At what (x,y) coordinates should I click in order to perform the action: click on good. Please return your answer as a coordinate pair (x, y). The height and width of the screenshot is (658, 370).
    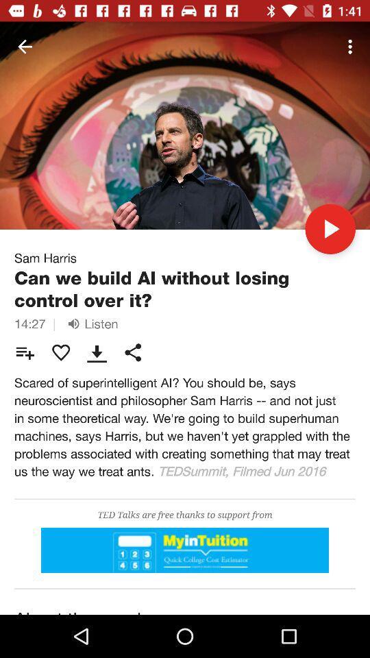
    Looking at the image, I should click on (185, 550).